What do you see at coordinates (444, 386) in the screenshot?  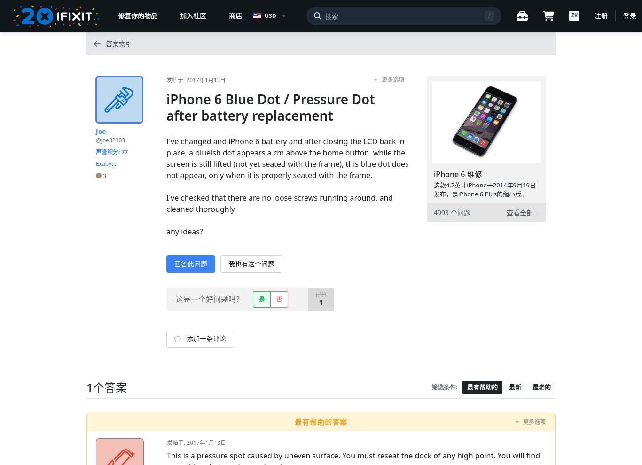 I see `'筛选条件:'` at bounding box center [444, 386].